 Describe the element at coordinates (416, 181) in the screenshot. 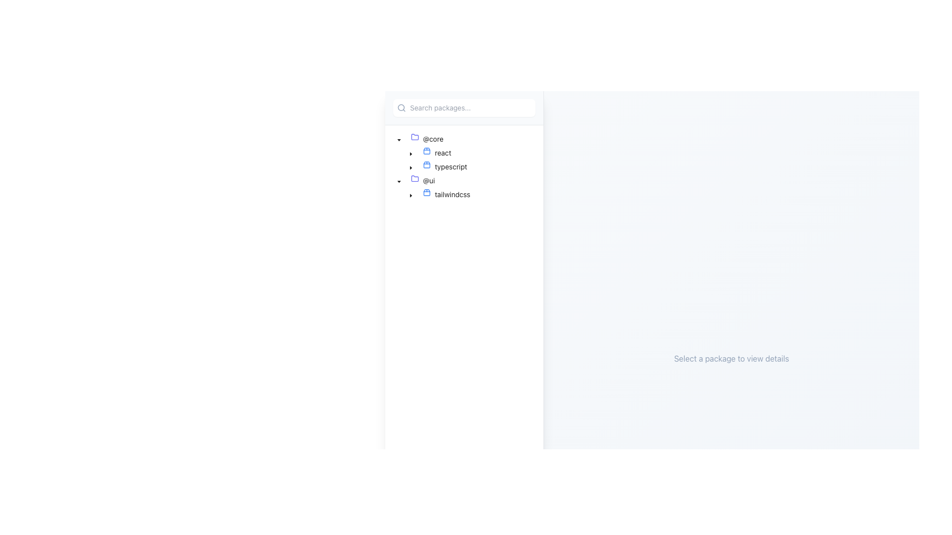

I see `the expandable tree node labeled '@ui'` at that location.